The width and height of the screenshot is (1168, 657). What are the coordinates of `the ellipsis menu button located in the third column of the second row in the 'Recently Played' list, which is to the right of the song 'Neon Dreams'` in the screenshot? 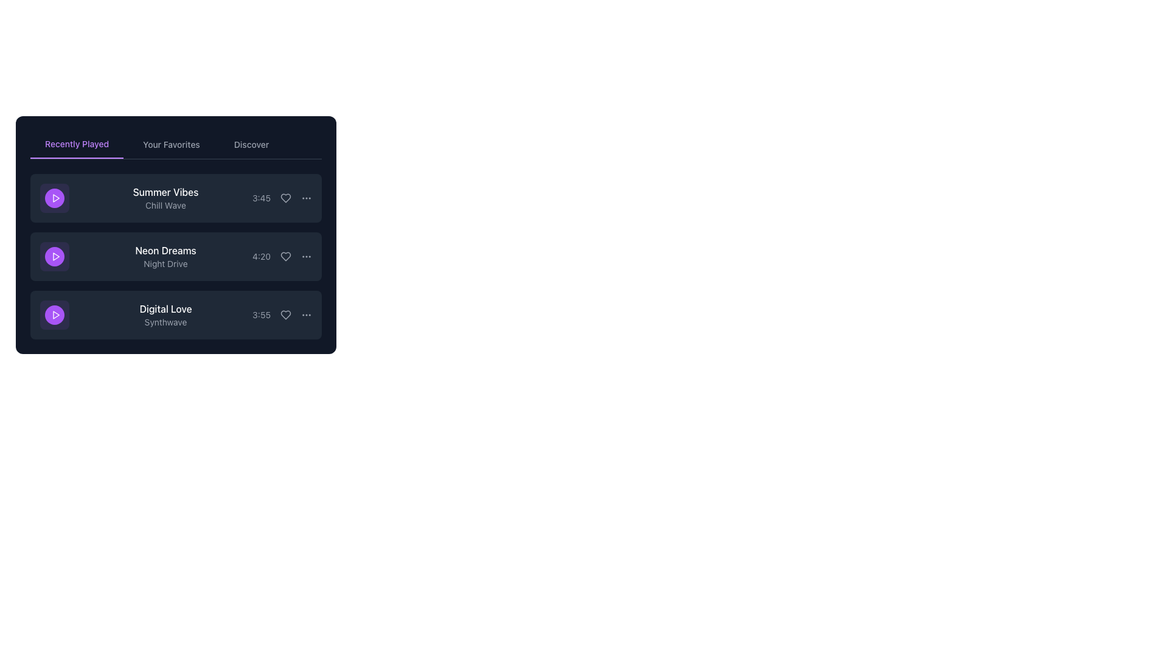 It's located at (307, 255).